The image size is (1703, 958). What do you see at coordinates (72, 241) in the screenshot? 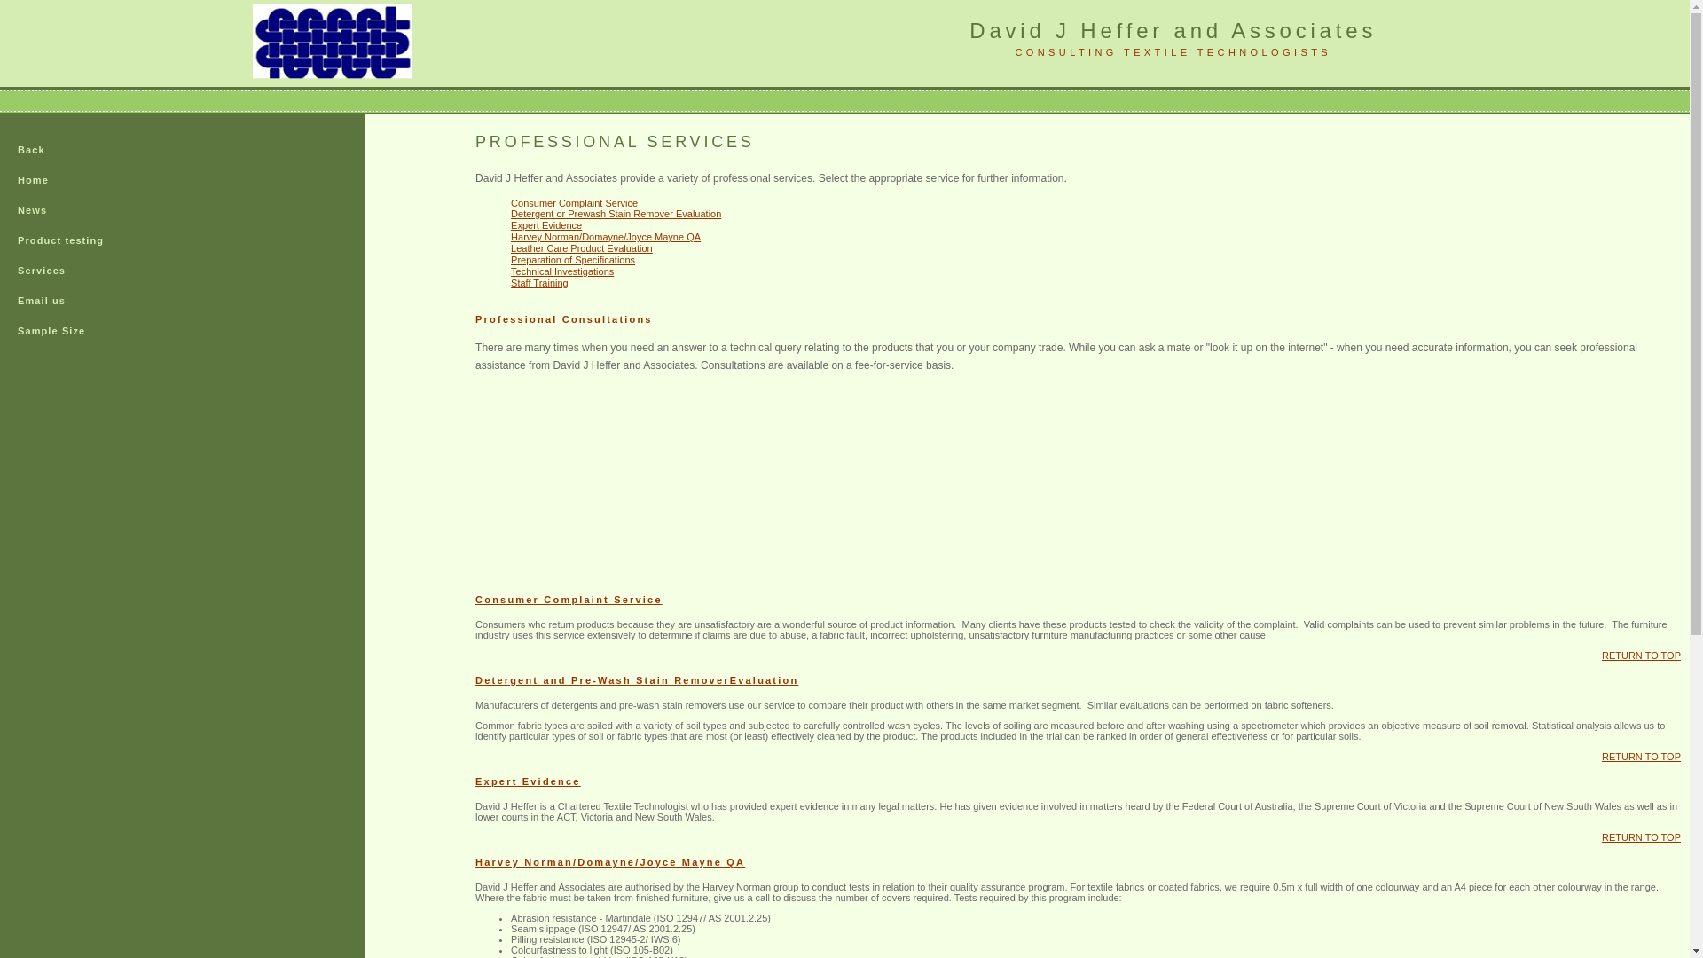
I see `'Product testing'` at bounding box center [72, 241].